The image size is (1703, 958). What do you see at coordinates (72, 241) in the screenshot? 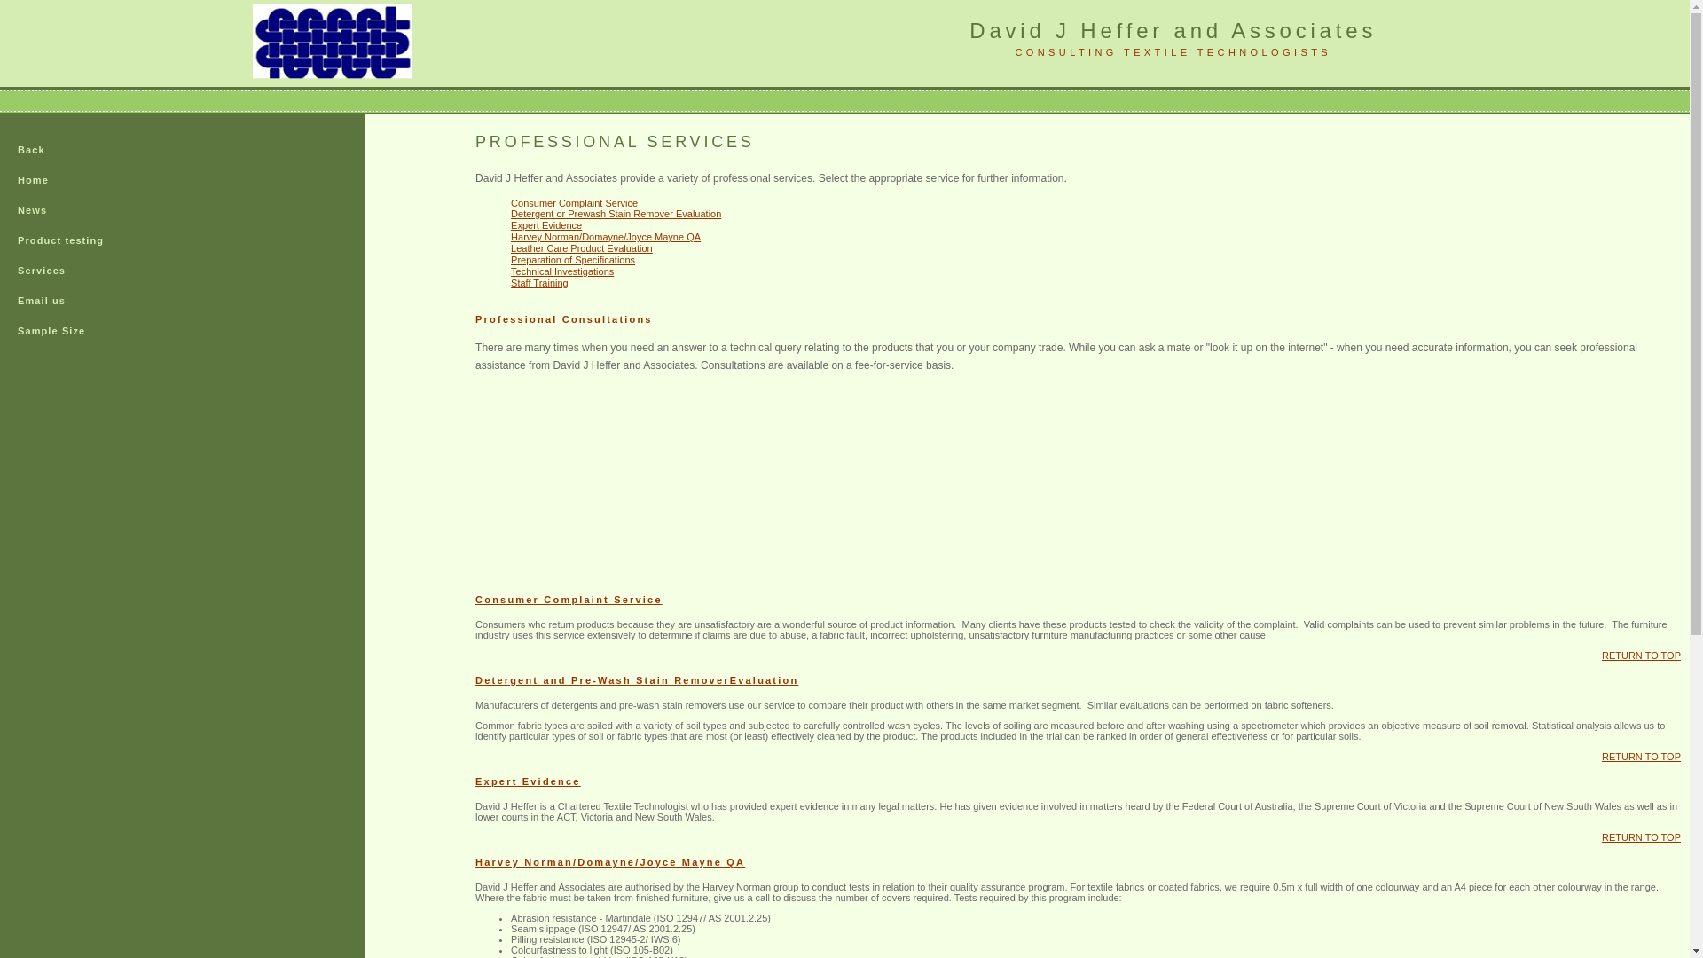
I see `'Product testing'` at bounding box center [72, 241].